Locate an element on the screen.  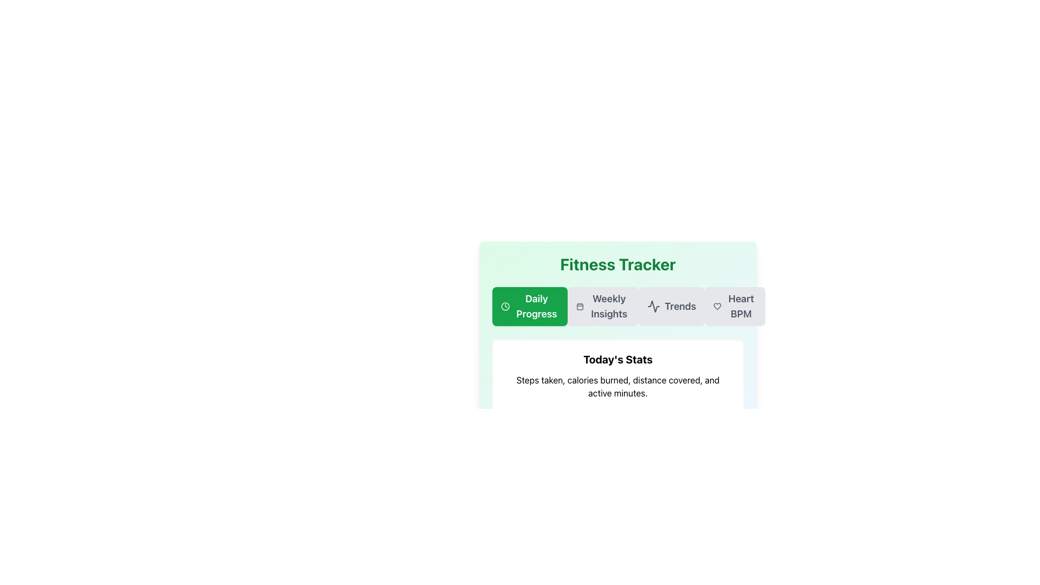
the second button in the row of four buttons within the 'Fitness Tracker' section to observe the hover effect is located at coordinates (618, 307).